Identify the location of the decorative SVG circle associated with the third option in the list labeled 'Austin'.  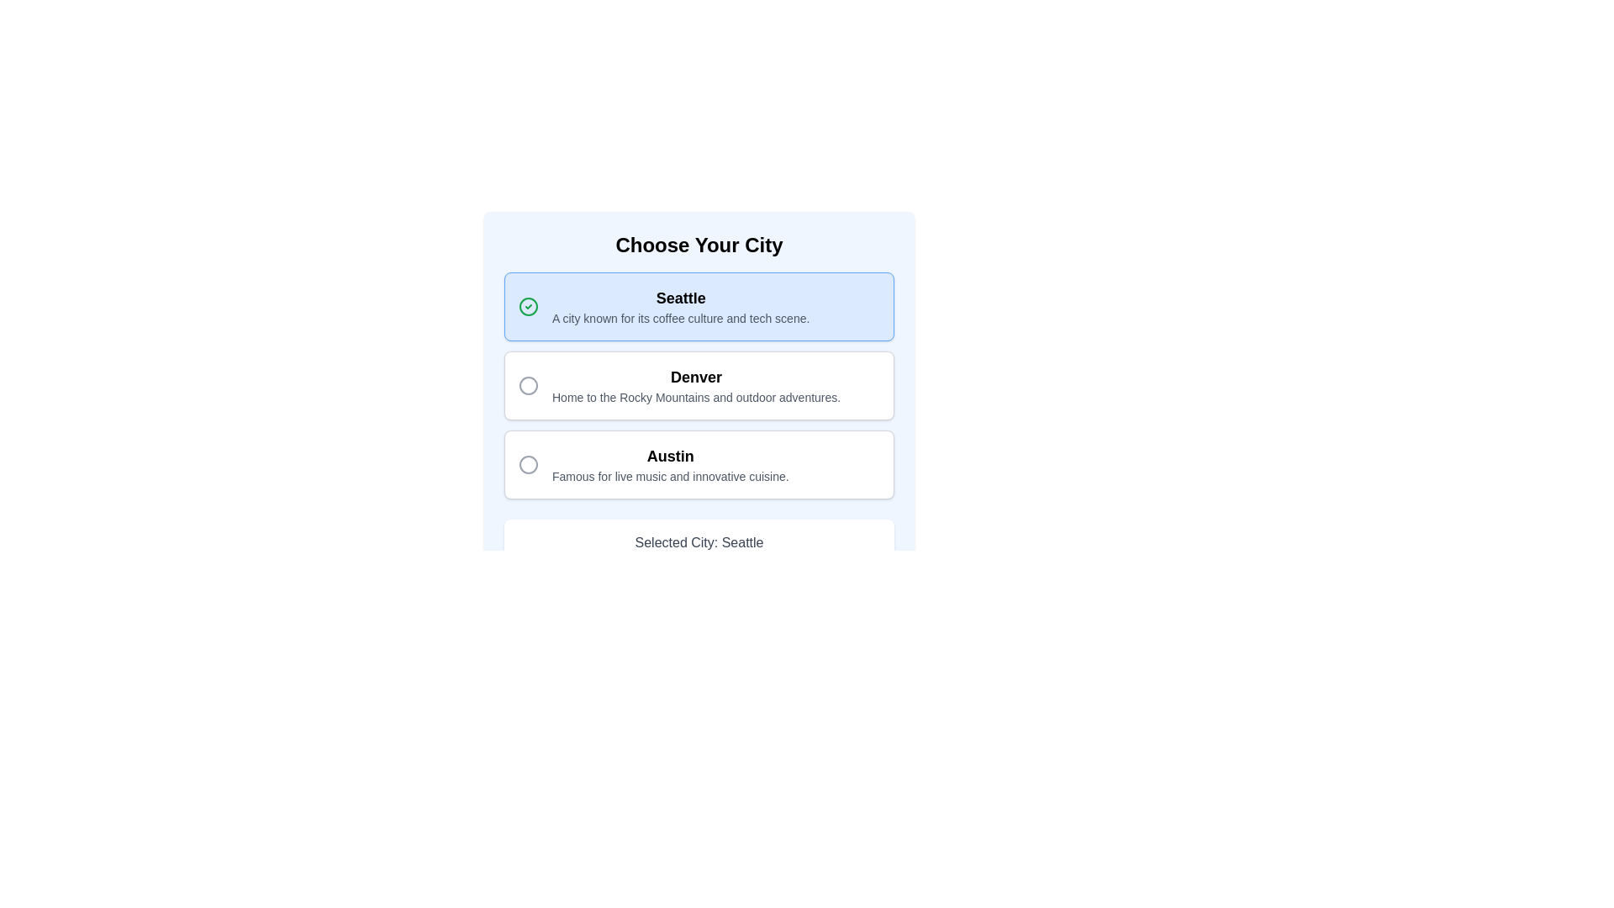
(527, 464).